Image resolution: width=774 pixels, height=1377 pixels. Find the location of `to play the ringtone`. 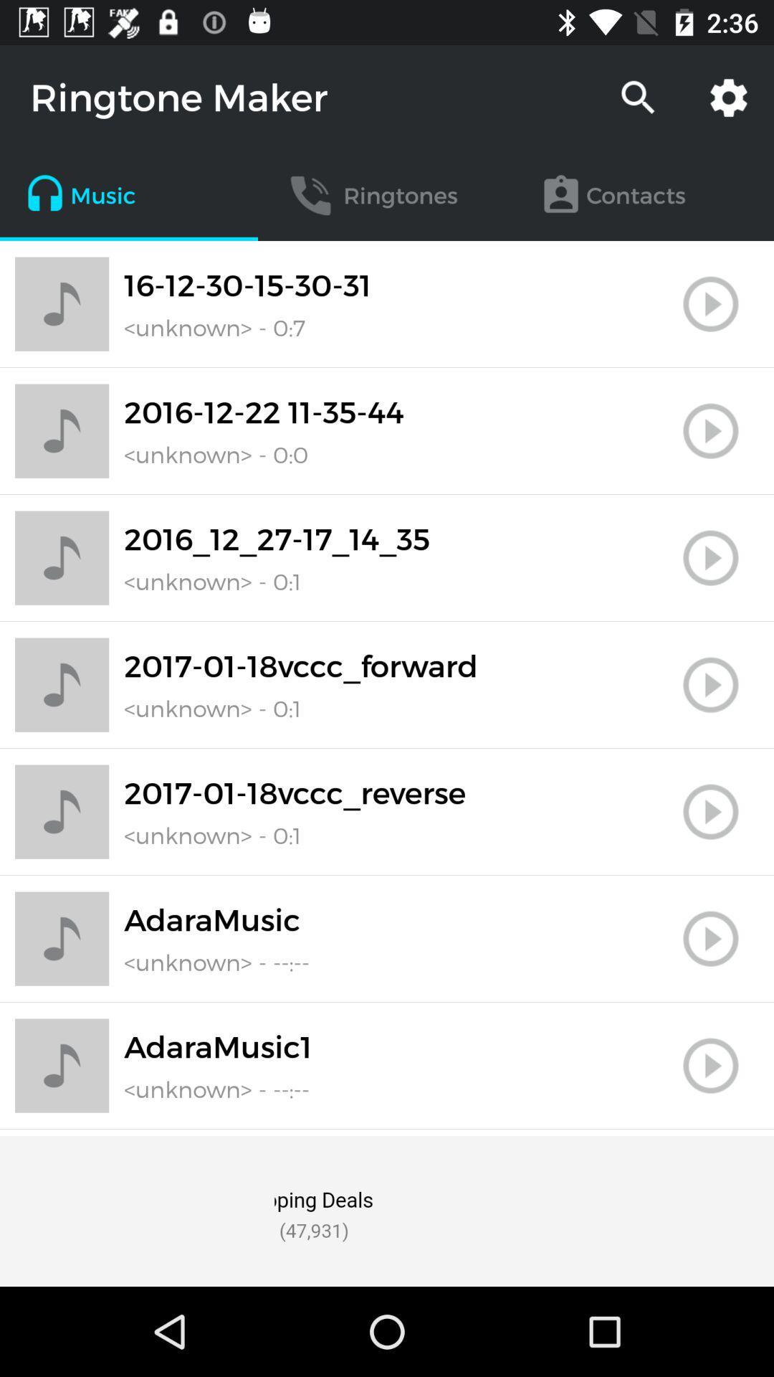

to play the ringtone is located at coordinates (710, 812).